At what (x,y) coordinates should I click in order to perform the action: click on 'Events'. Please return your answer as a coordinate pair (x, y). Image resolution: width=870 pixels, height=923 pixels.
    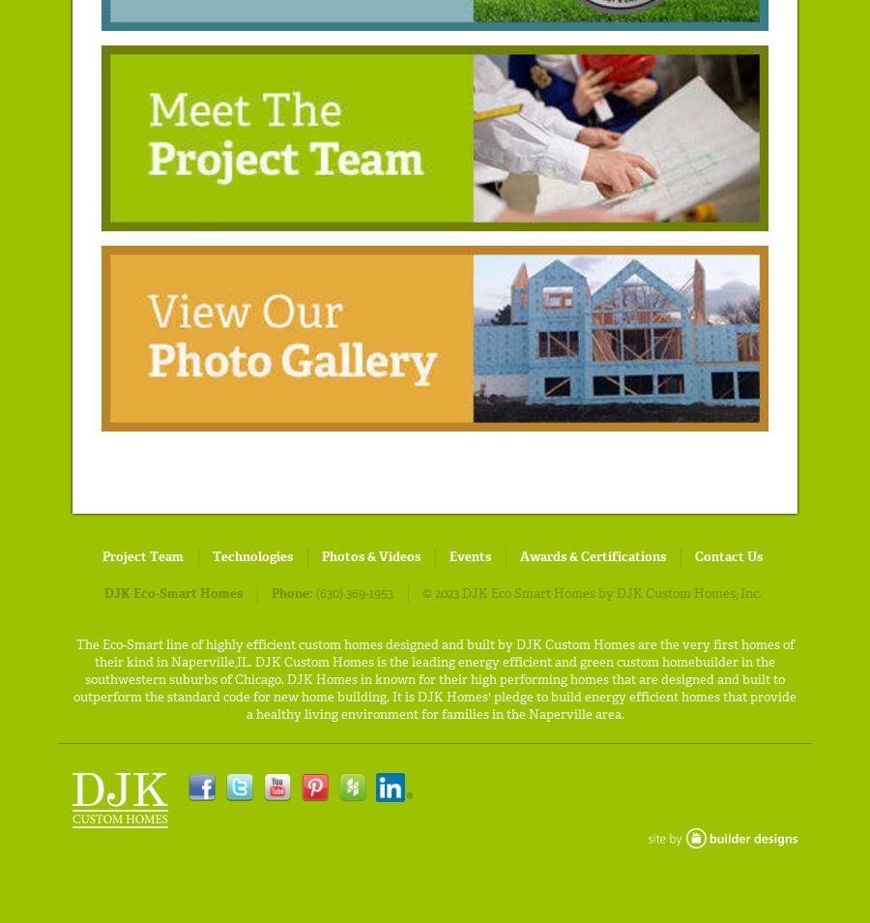
    Looking at the image, I should click on (469, 554).